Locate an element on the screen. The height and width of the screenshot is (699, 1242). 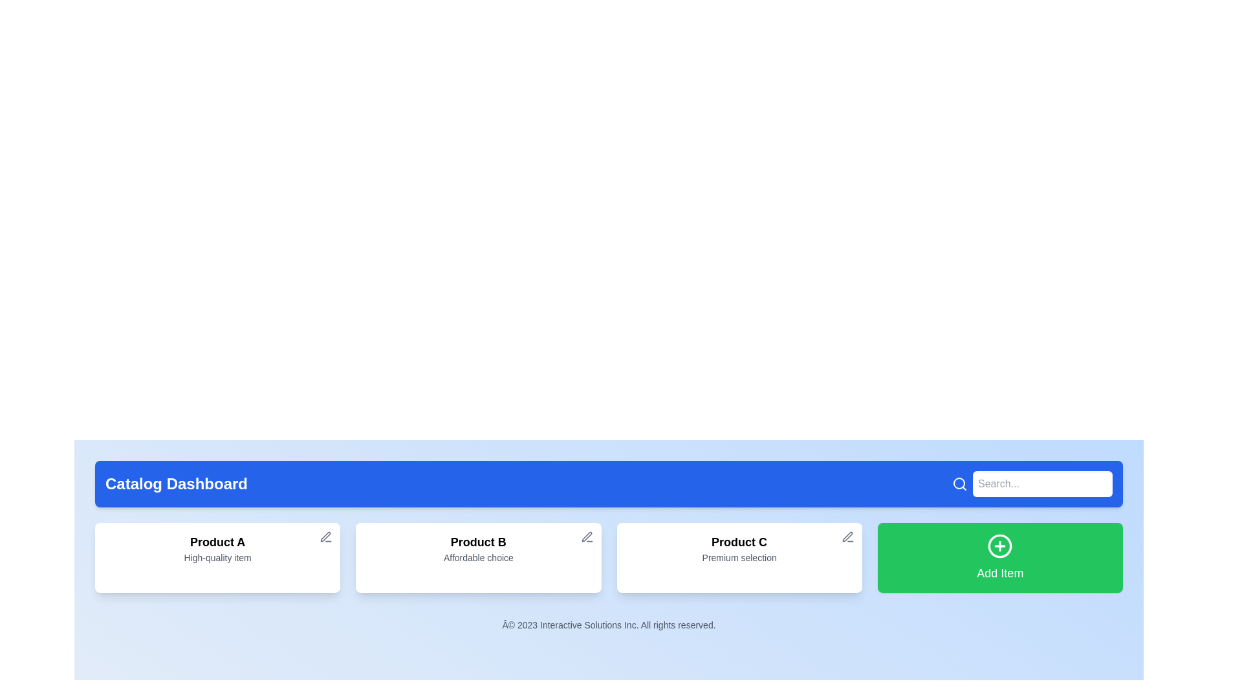
the Header text that serves as the title of the 'Catalog Dashboard' section, located in the top bar on the left side next to a search bar is located at coordinates (176, 484).